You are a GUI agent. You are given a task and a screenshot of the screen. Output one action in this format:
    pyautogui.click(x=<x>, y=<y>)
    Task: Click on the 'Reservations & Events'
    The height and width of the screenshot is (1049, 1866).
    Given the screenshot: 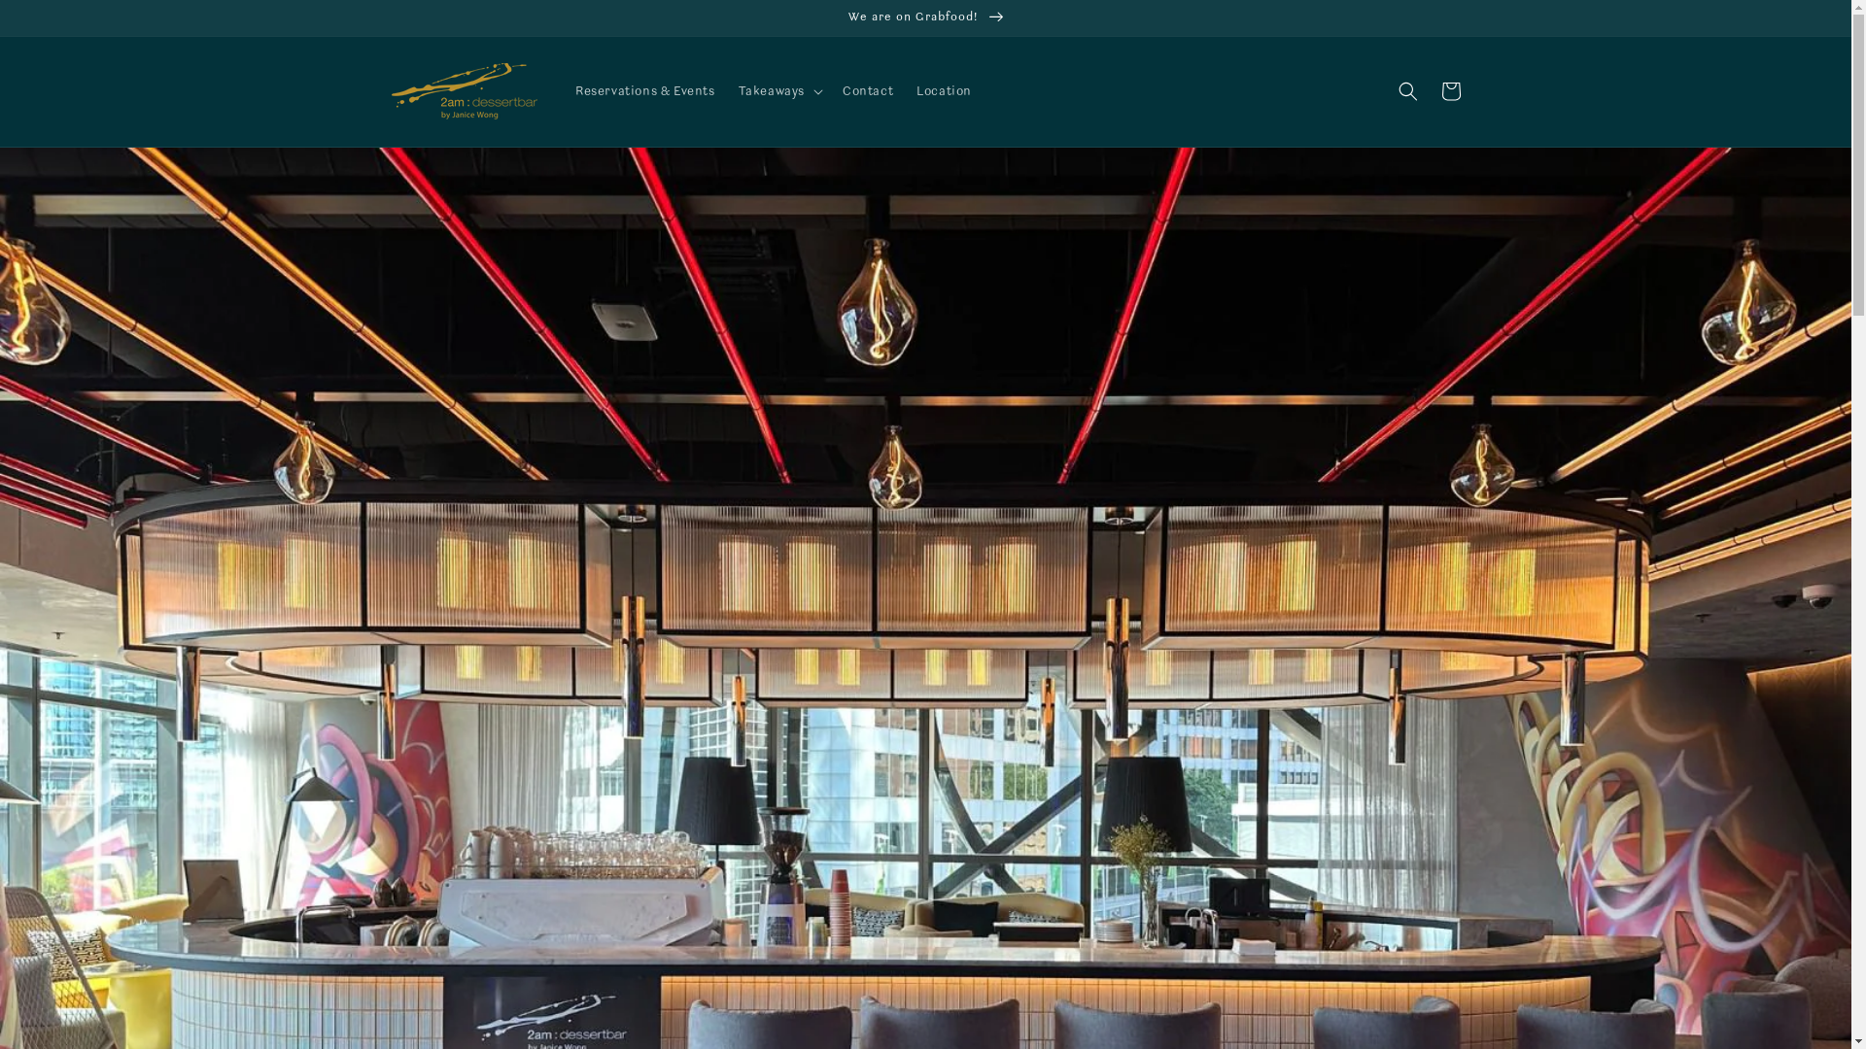 What is the action you would take?
    pyautogui.click(x=644, y=90)
    